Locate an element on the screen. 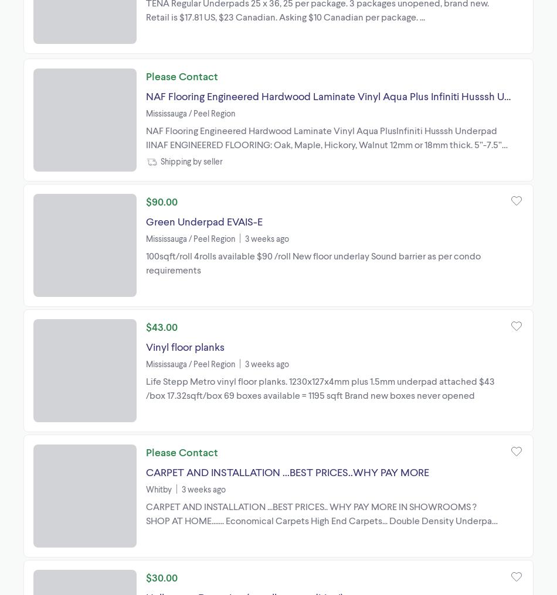 The image size is (557, 595). 'Life Stepp Metro vinyl floor planks. 1230x127x4mm plus 1.5mm underpad attached $43 /box 17.32sqft/box 69 boxes available = 1195 sqft Brand new boxes never opened' is located at coordinates (320, 387).